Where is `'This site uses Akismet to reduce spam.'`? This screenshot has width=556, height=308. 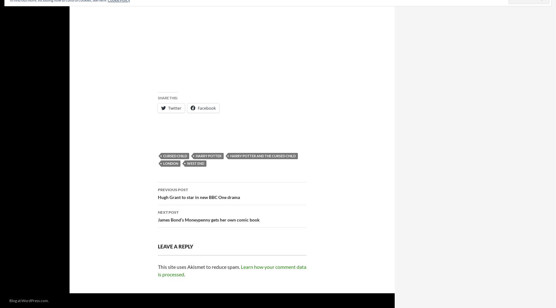 'This site uses Akismet to reduce spam.' is located at coordinates (199, 267).